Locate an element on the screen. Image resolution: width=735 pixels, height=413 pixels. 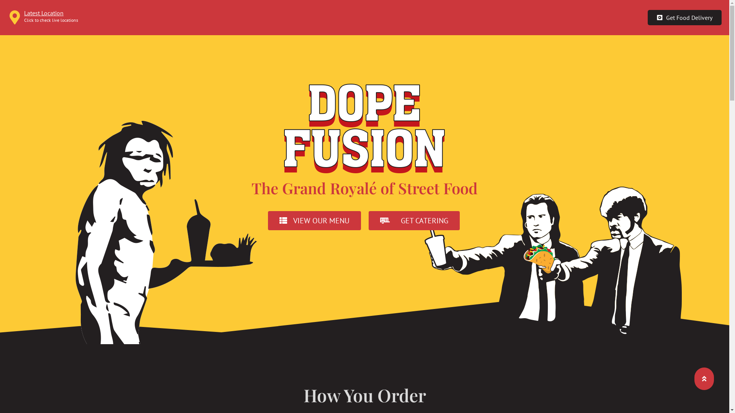
'Latest Location' is located at coordinates (43, 13).